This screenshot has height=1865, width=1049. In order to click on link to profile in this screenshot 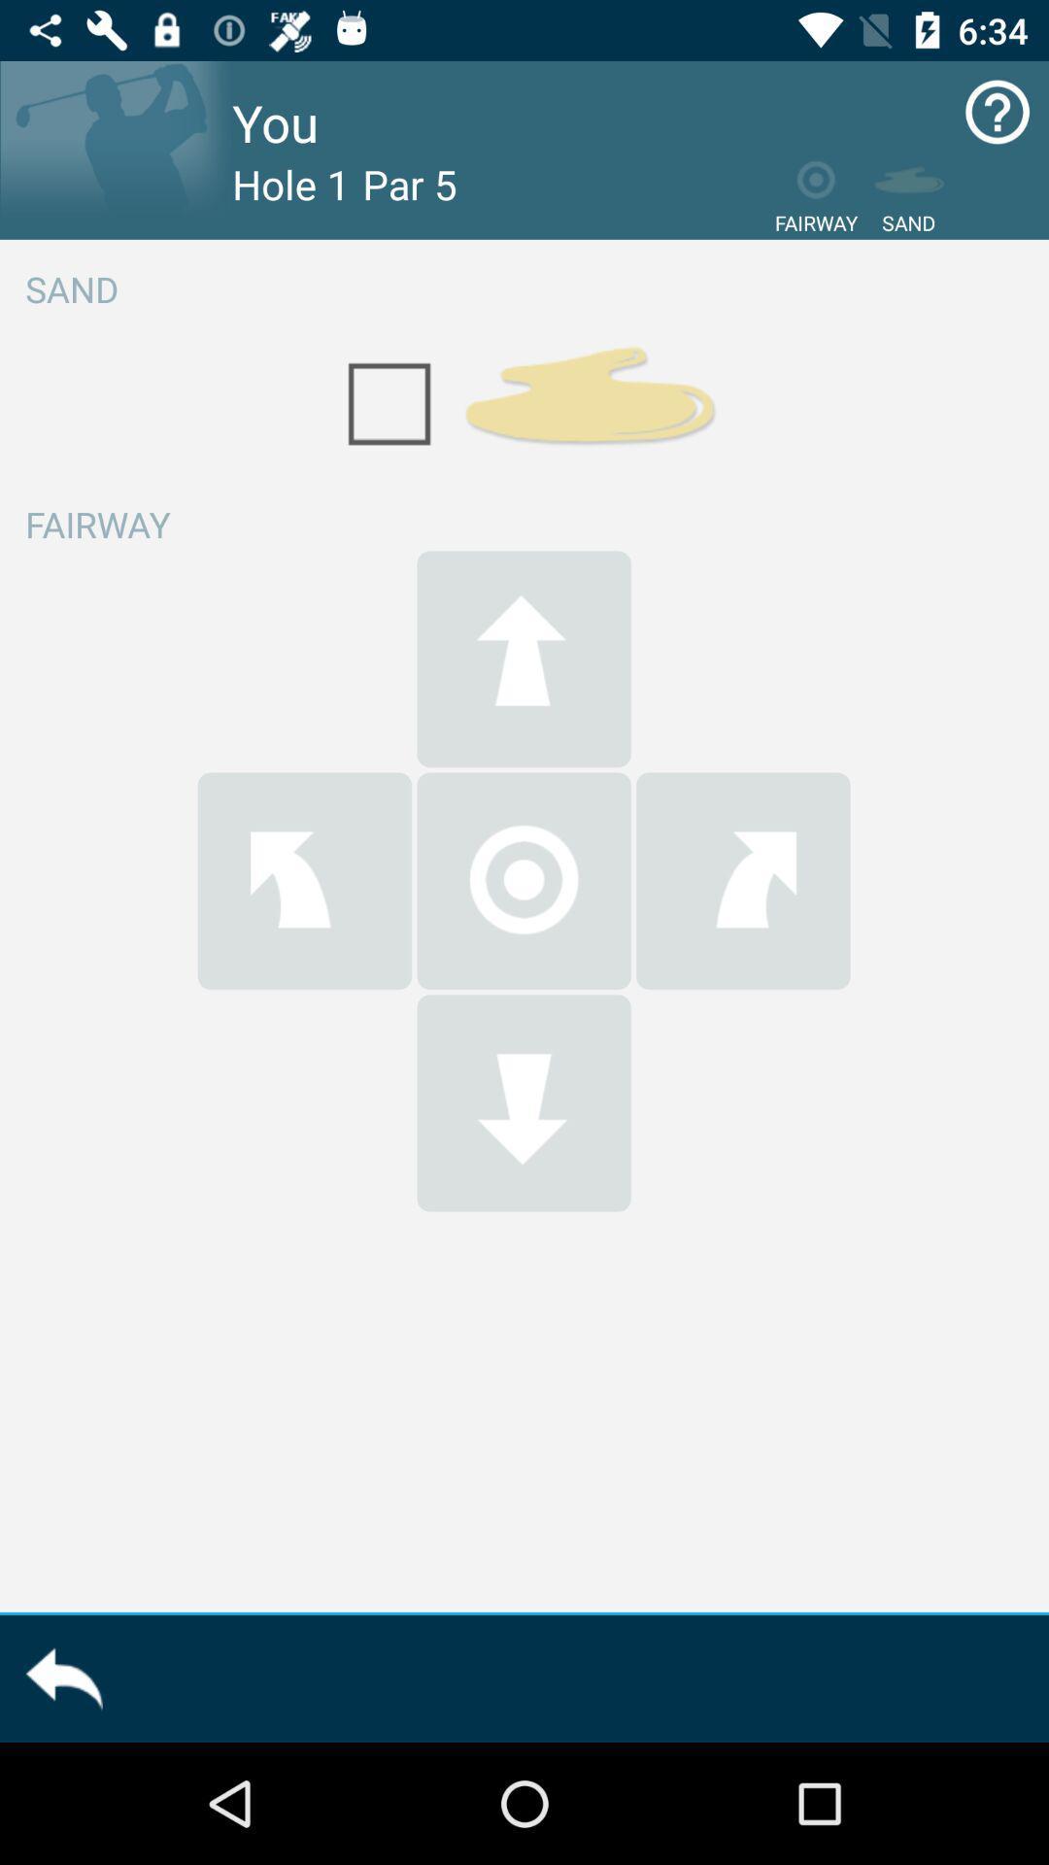, I will do `click(116, 149)`.